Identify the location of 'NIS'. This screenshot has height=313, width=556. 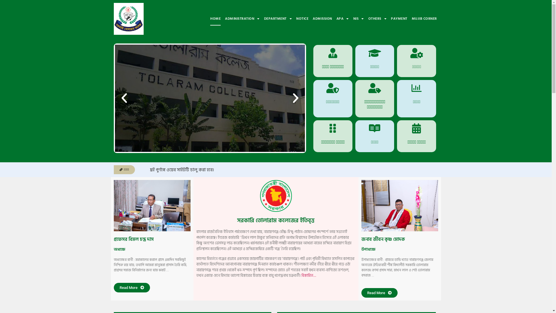
(358, 19).